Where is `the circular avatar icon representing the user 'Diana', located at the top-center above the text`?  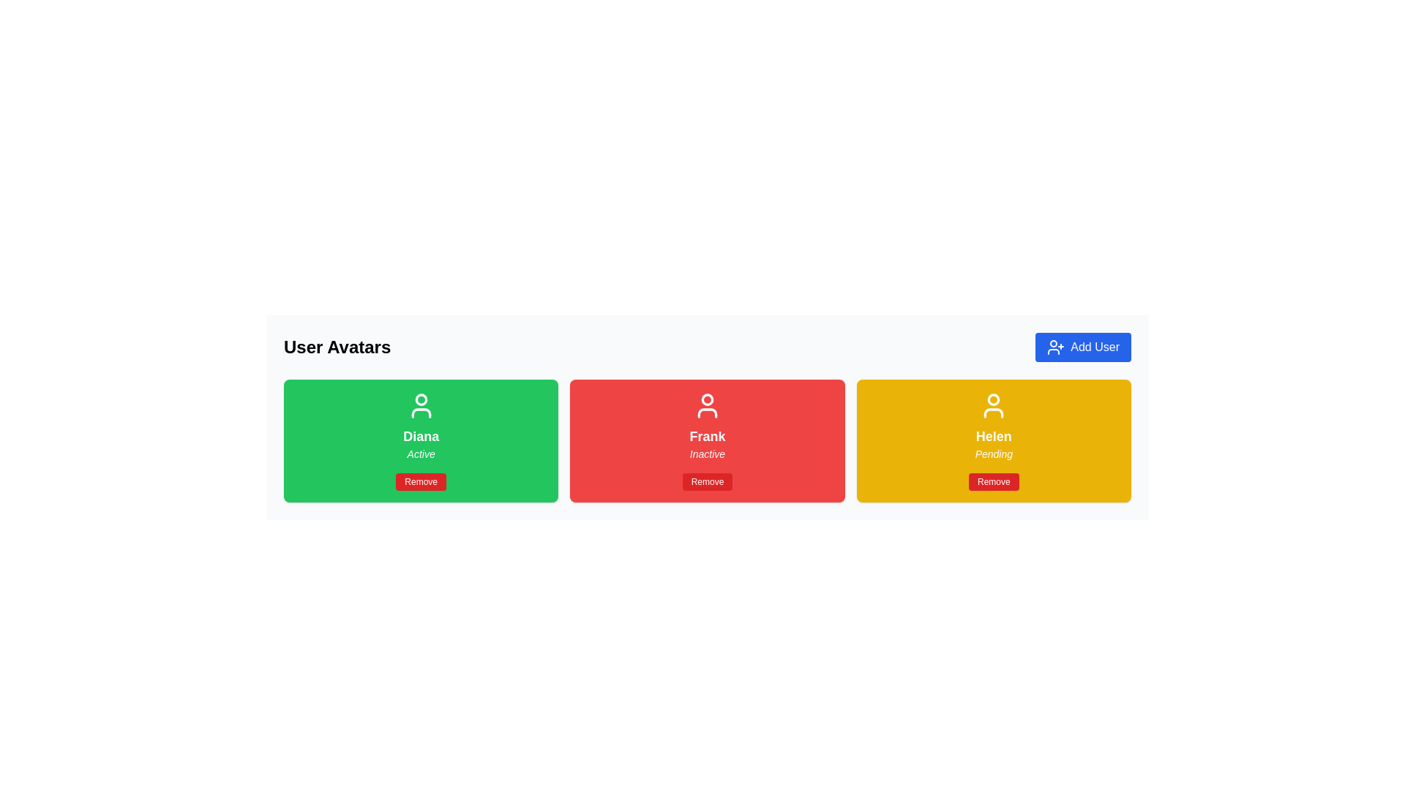 the circular avatar icon representing the user 'Diana', located at the top-center above the text is located at coordinates (420, 399).